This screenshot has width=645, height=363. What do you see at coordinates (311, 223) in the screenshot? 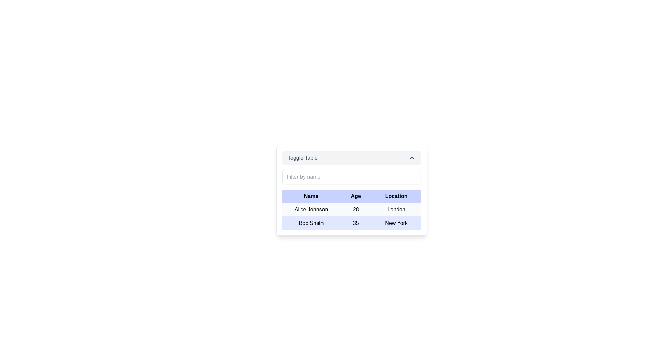
I see `the text label 'Bob Smith'` at bounding box center [311, 223].